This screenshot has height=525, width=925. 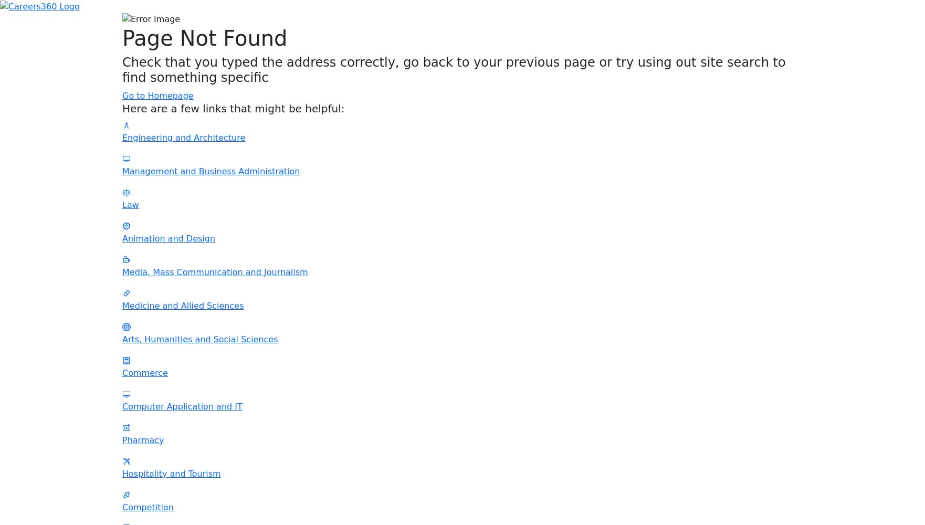 What do you see at coordinates (122, 137) in the screenshot?
I see `'Engineering and Architecture'` at bounding box center [122, 137].